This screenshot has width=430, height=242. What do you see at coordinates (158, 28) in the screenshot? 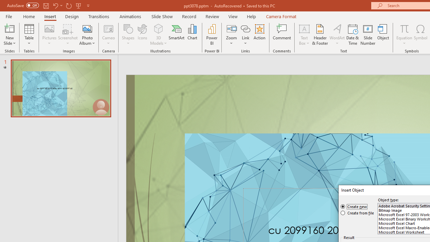
I see `'3D Models'` at bounding box center [158, 28].